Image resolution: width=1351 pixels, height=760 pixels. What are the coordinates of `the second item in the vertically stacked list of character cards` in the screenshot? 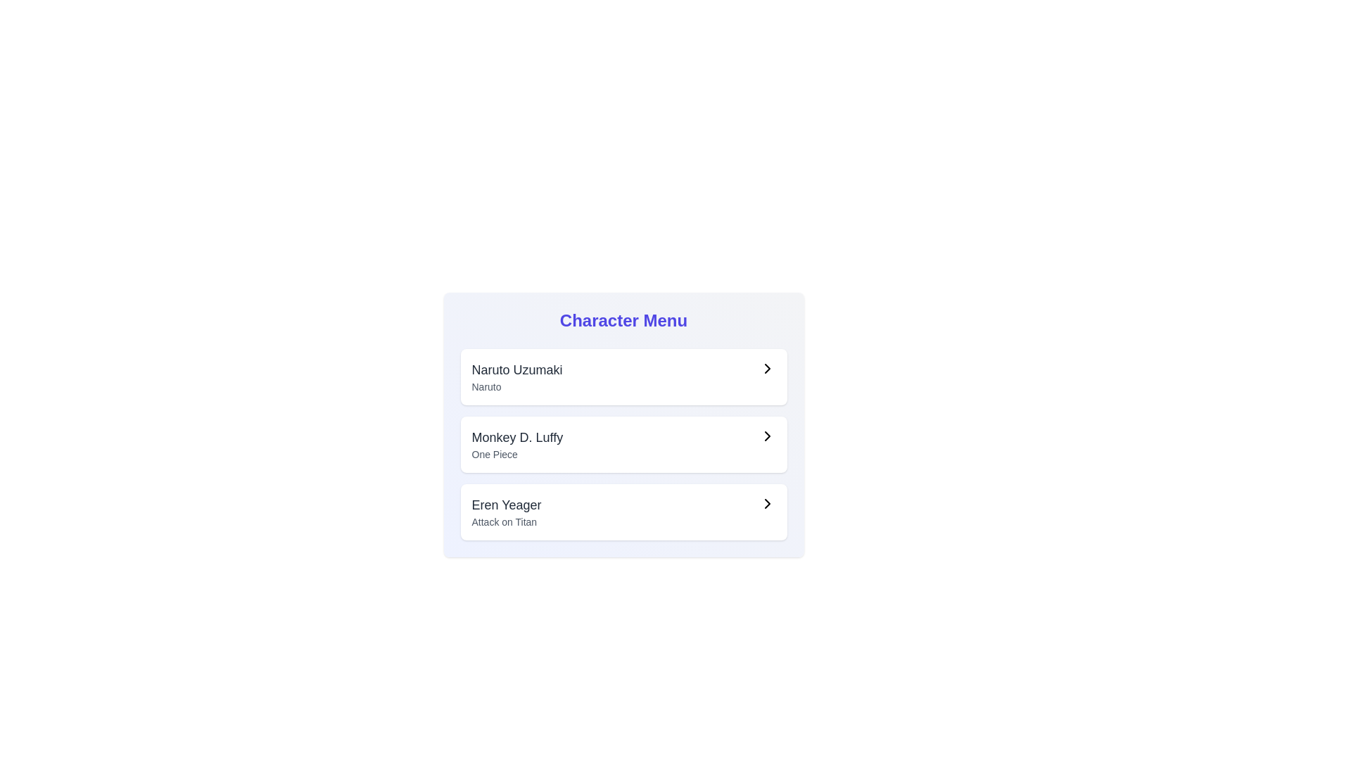 It's located at (623, 464).